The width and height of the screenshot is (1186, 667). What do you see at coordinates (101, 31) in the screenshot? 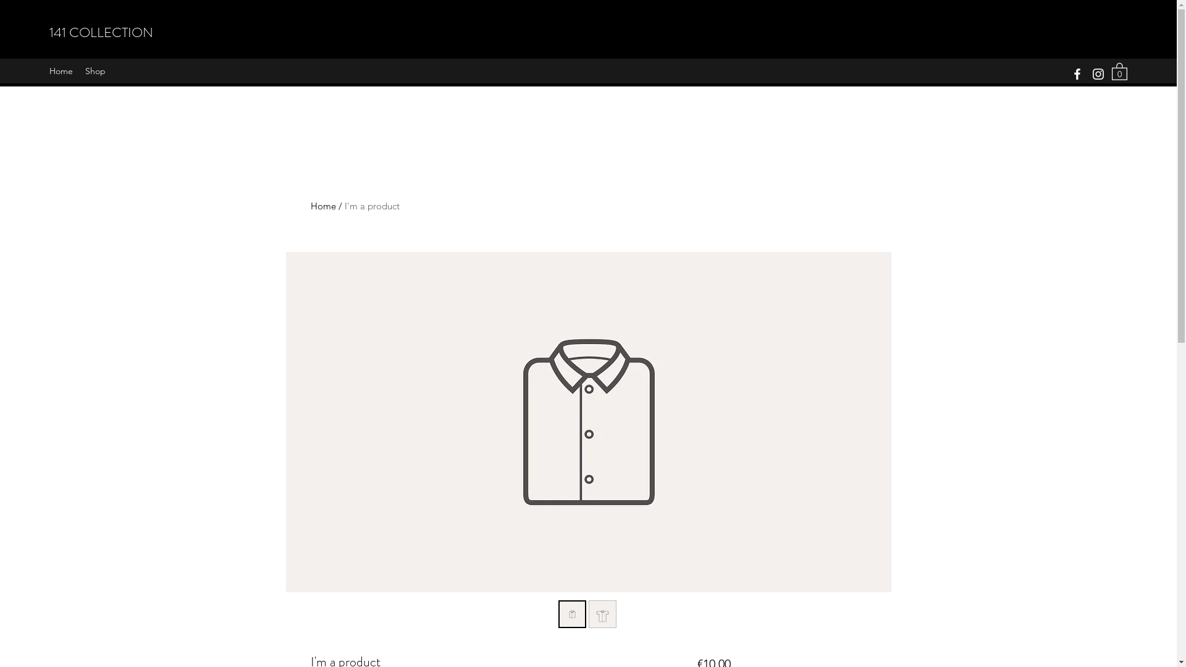
I see `'141 COLLECTION'` at bounding box center [101, 31].